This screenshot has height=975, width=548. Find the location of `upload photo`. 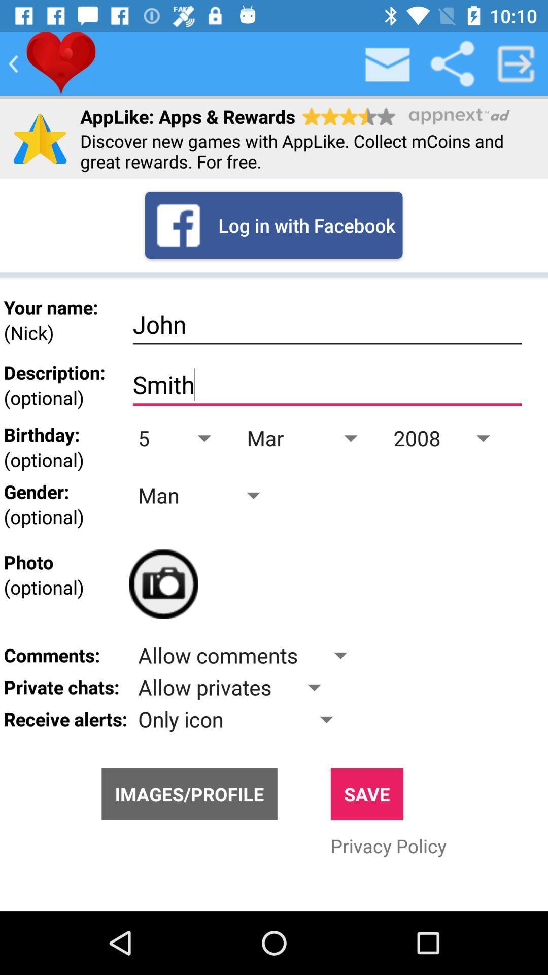

upload photo is located at coordinates (163, 584).